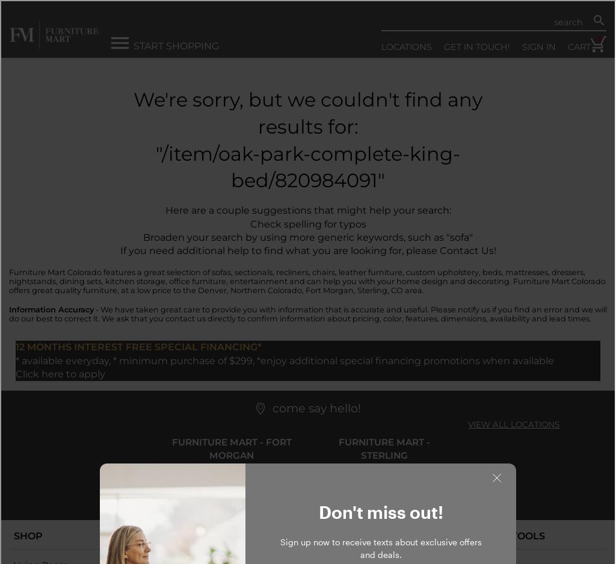 This screenshot has height=564, width=616. Describe the element at coordinates (14, 359) in the screenshot. I see `'* available everyday, * minimum purchase of $299, *enjoy additional special financing promotions when available'` at that location.